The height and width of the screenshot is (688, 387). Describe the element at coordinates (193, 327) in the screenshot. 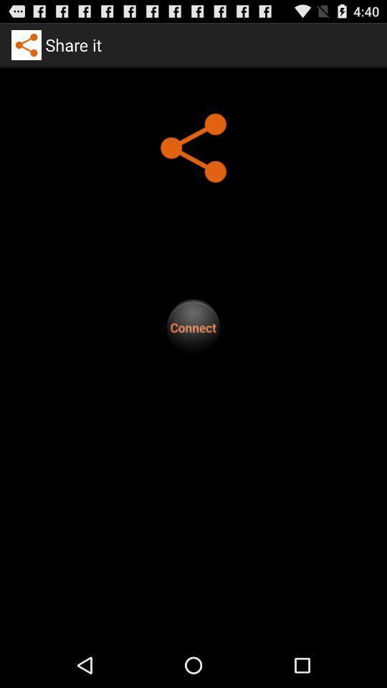

I see `connect share it option` at that location.